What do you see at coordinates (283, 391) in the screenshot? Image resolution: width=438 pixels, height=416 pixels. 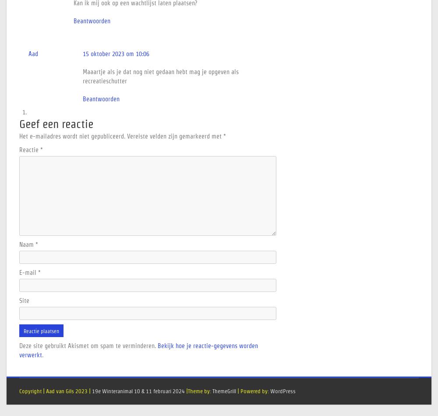 I see `'WordPress'` at bounding box center [283, 391].